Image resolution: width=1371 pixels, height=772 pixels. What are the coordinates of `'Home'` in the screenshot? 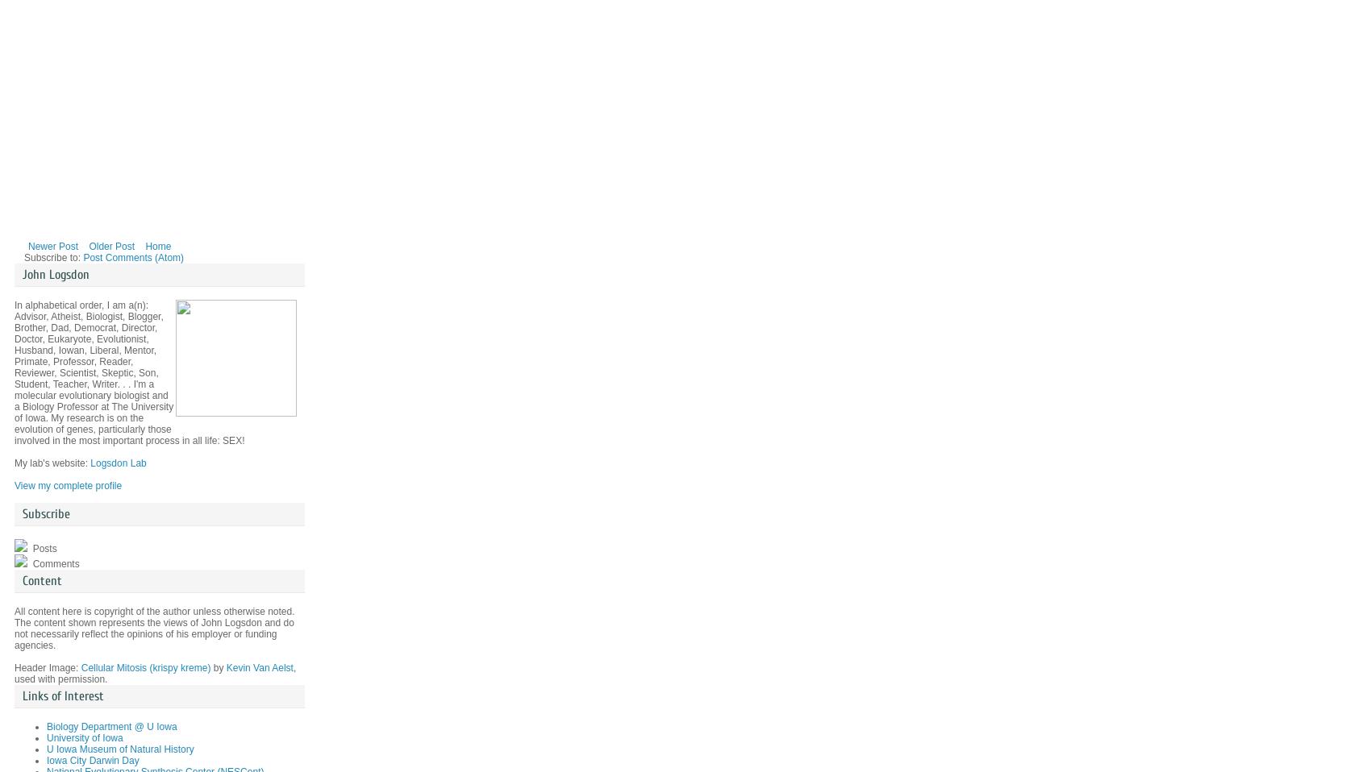 It's located at (157, 246).